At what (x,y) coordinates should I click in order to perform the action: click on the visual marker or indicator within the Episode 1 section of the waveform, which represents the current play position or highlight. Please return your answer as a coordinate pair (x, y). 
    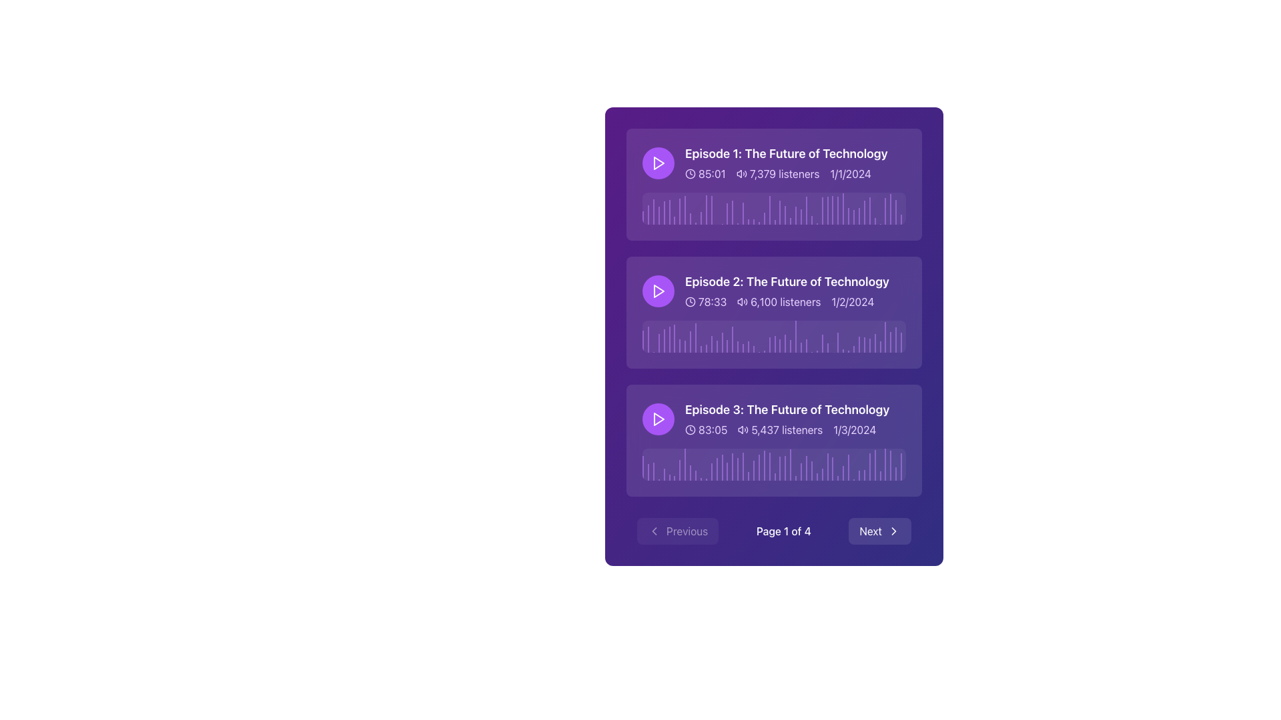
    Looking at the image, I should click on (791, 220).